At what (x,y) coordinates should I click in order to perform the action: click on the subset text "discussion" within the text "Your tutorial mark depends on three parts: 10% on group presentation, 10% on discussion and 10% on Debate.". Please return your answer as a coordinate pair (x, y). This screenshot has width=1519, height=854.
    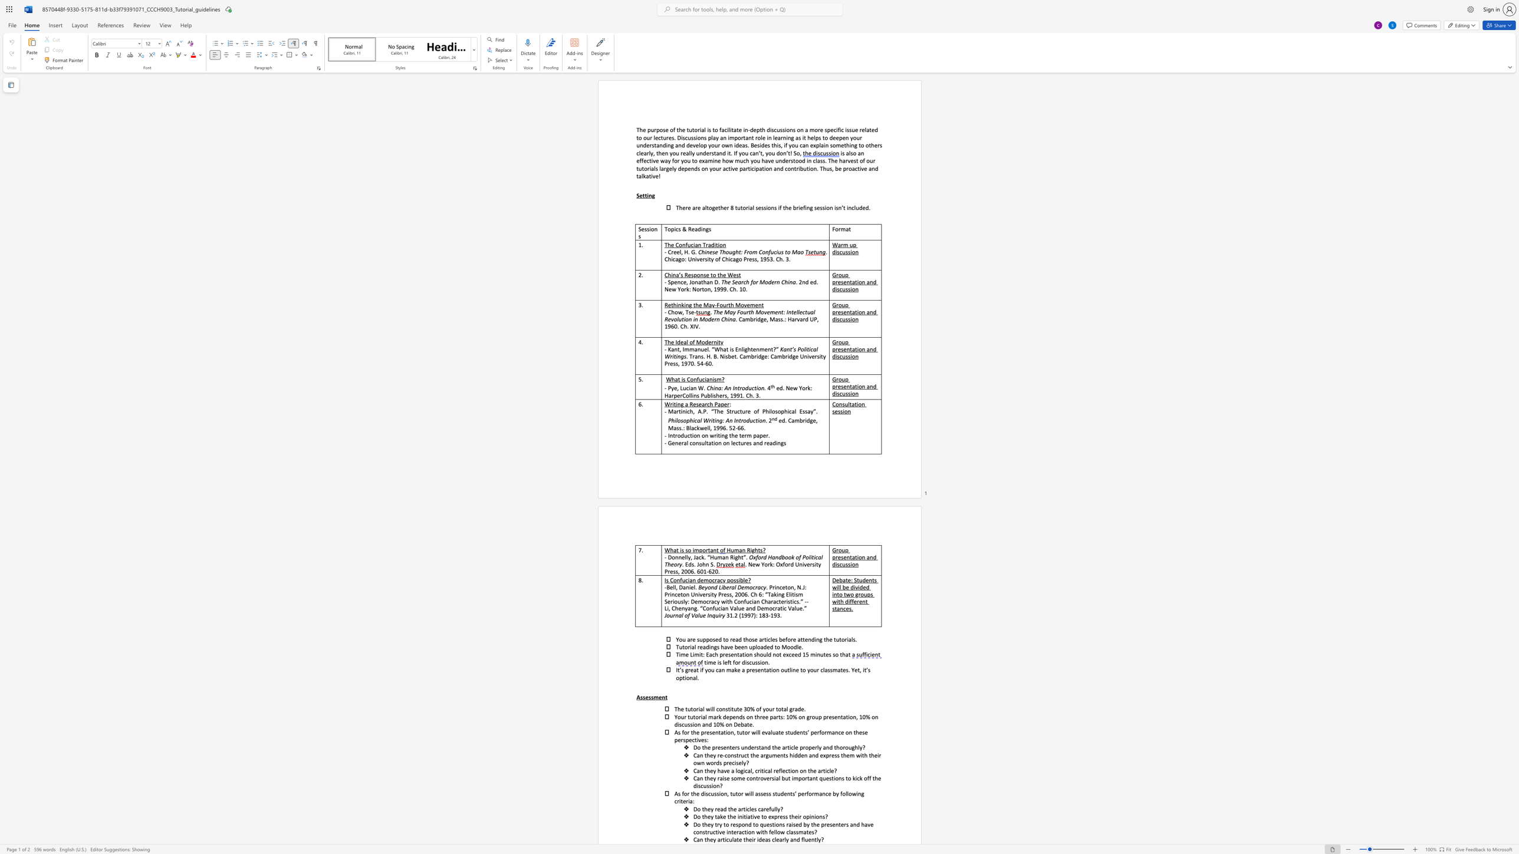
    Looking at the image, I should click on (673, 724).